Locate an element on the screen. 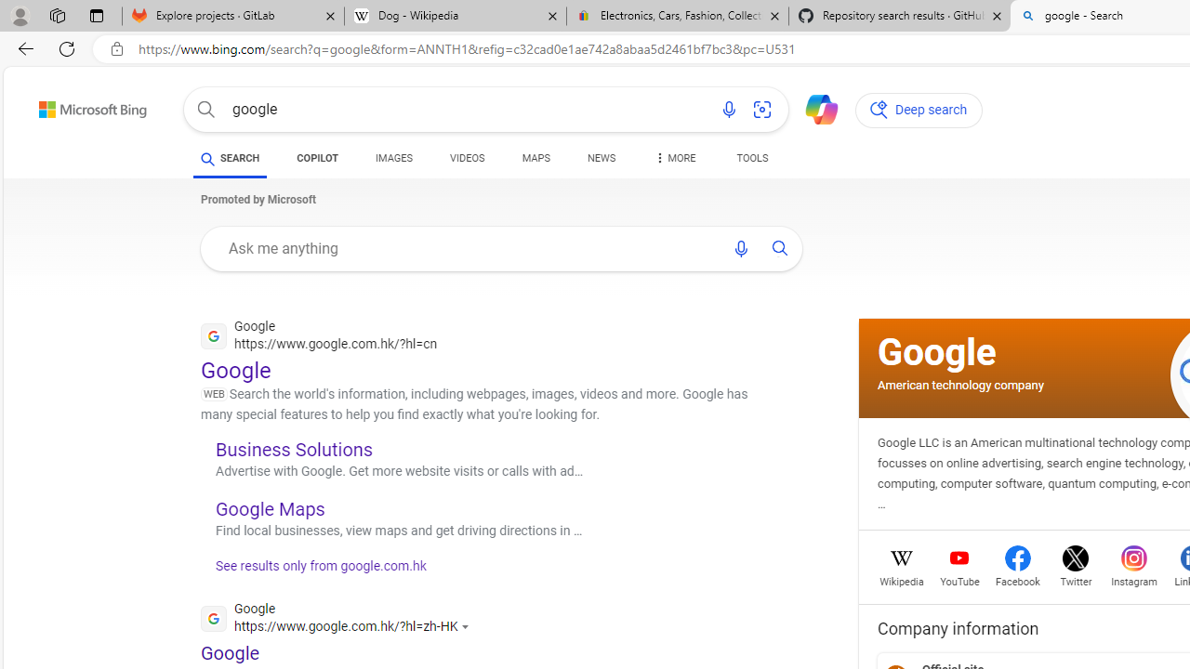 The image size is (1190, 669). 'COPILOT' is located at coordinates (317, 160).